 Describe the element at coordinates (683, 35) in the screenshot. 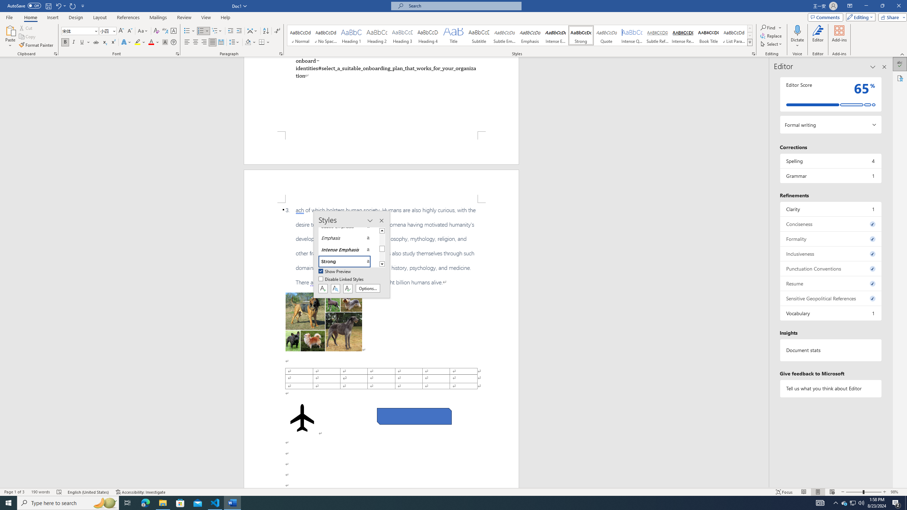

I see `'Intense Reference'` at that location.